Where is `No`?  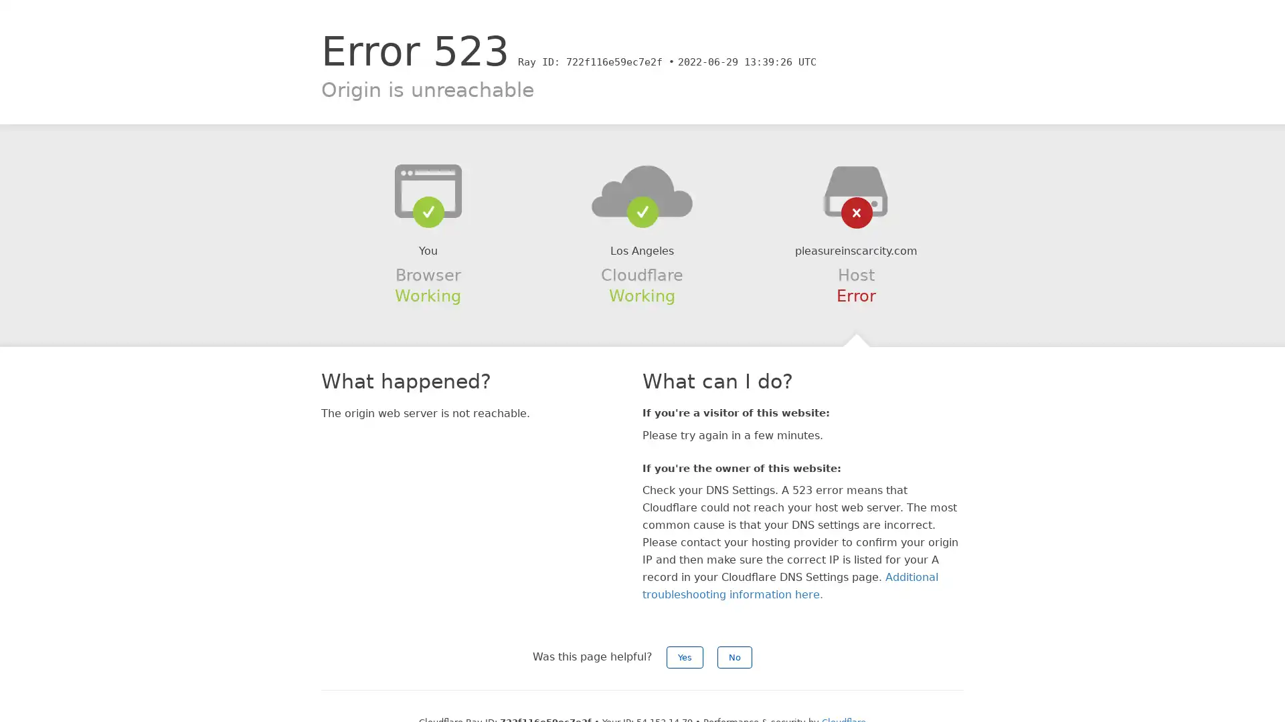 No is located at coordinates (734, 656).